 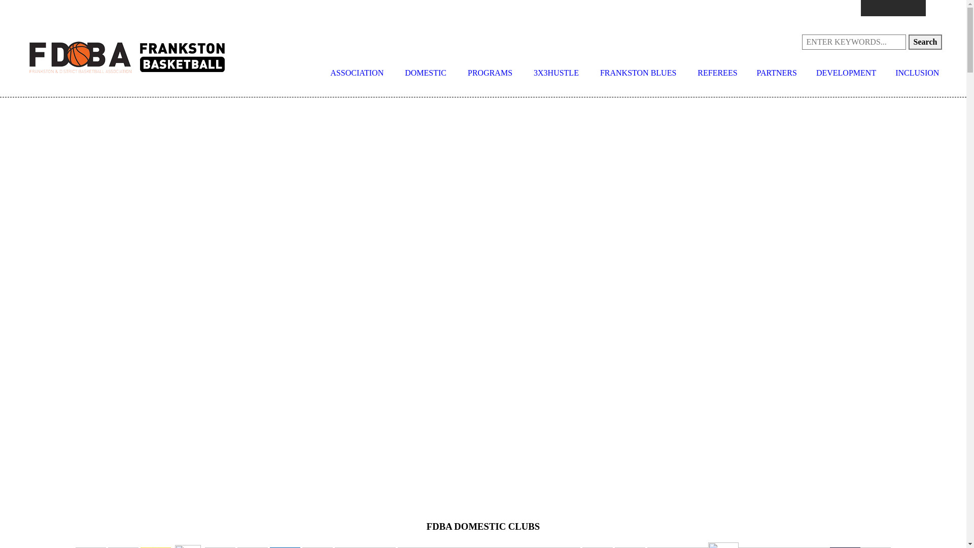 I want to click on 'Instagram', so click(x=885, y=8).